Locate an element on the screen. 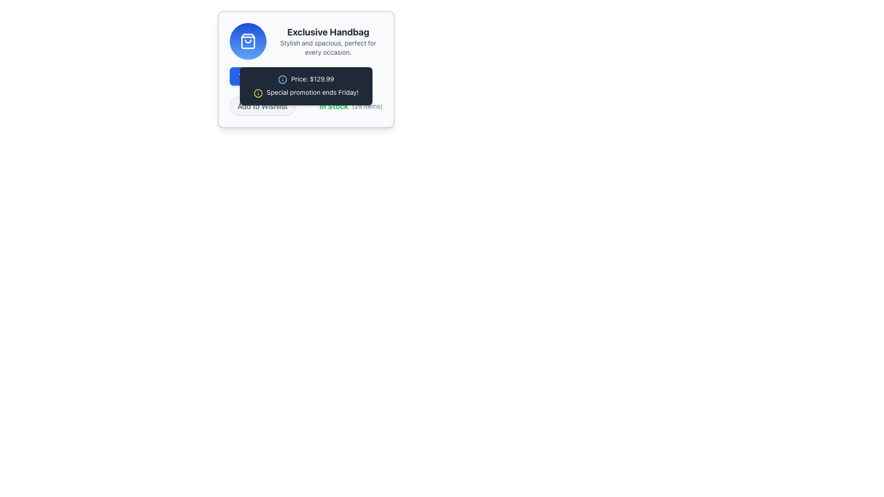 The width and height of the screenshot is (884, 497). the graphical icon resembling a shopping bag with a handle, located in the upper left section of the interface within the top left circular icon of the 'Exclusive Handbag' card is located at coordinates (248, 40).